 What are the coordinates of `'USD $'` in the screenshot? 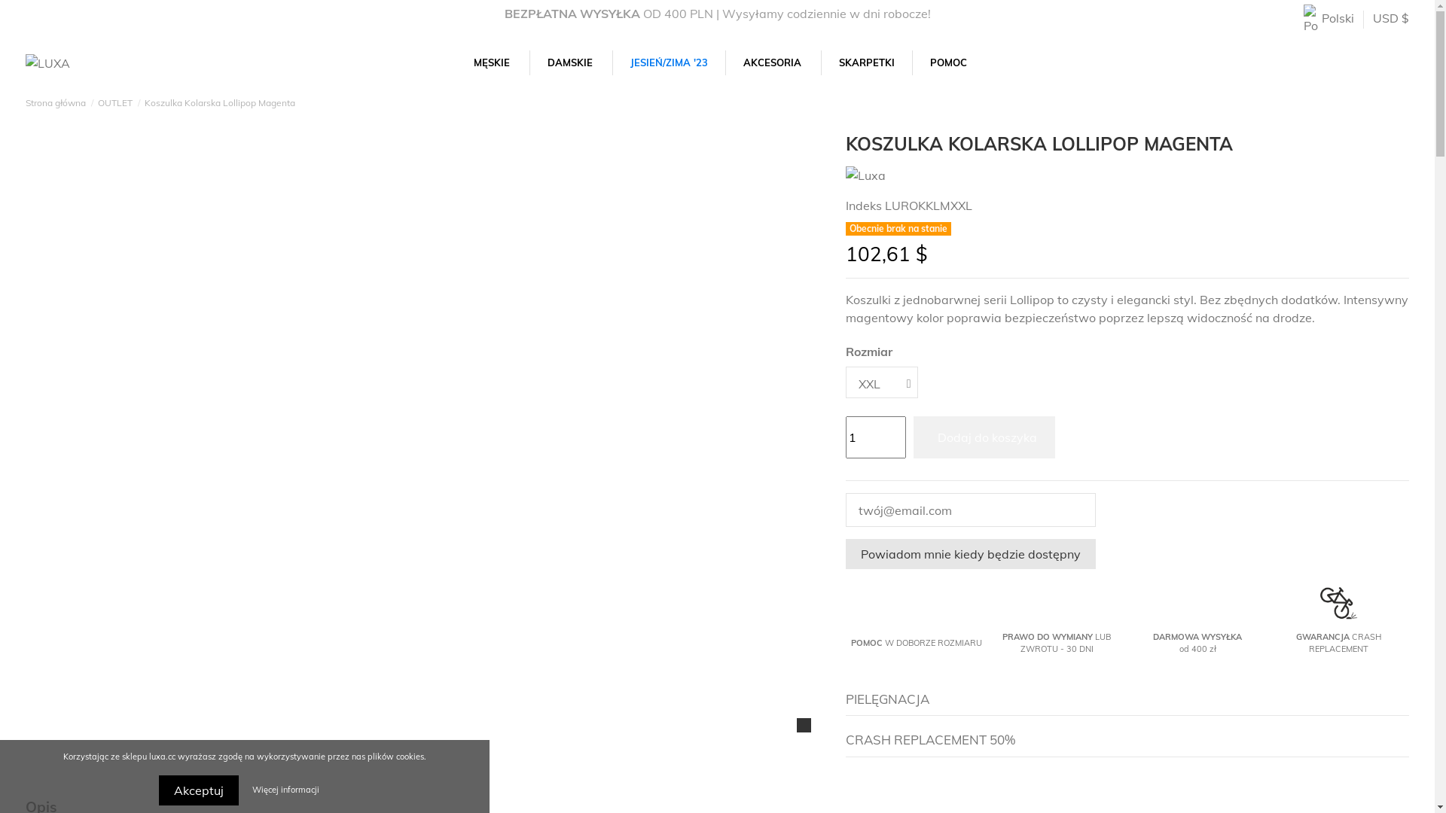 It's located at (1373, 17).